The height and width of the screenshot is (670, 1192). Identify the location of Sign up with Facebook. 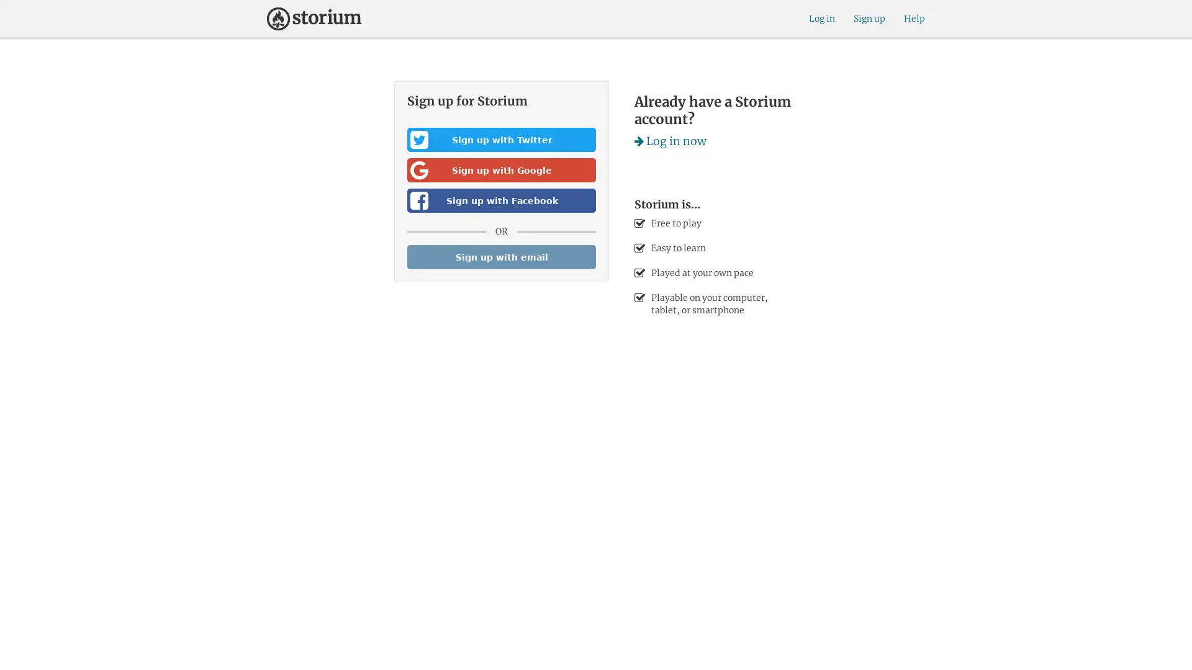
(501, 200).